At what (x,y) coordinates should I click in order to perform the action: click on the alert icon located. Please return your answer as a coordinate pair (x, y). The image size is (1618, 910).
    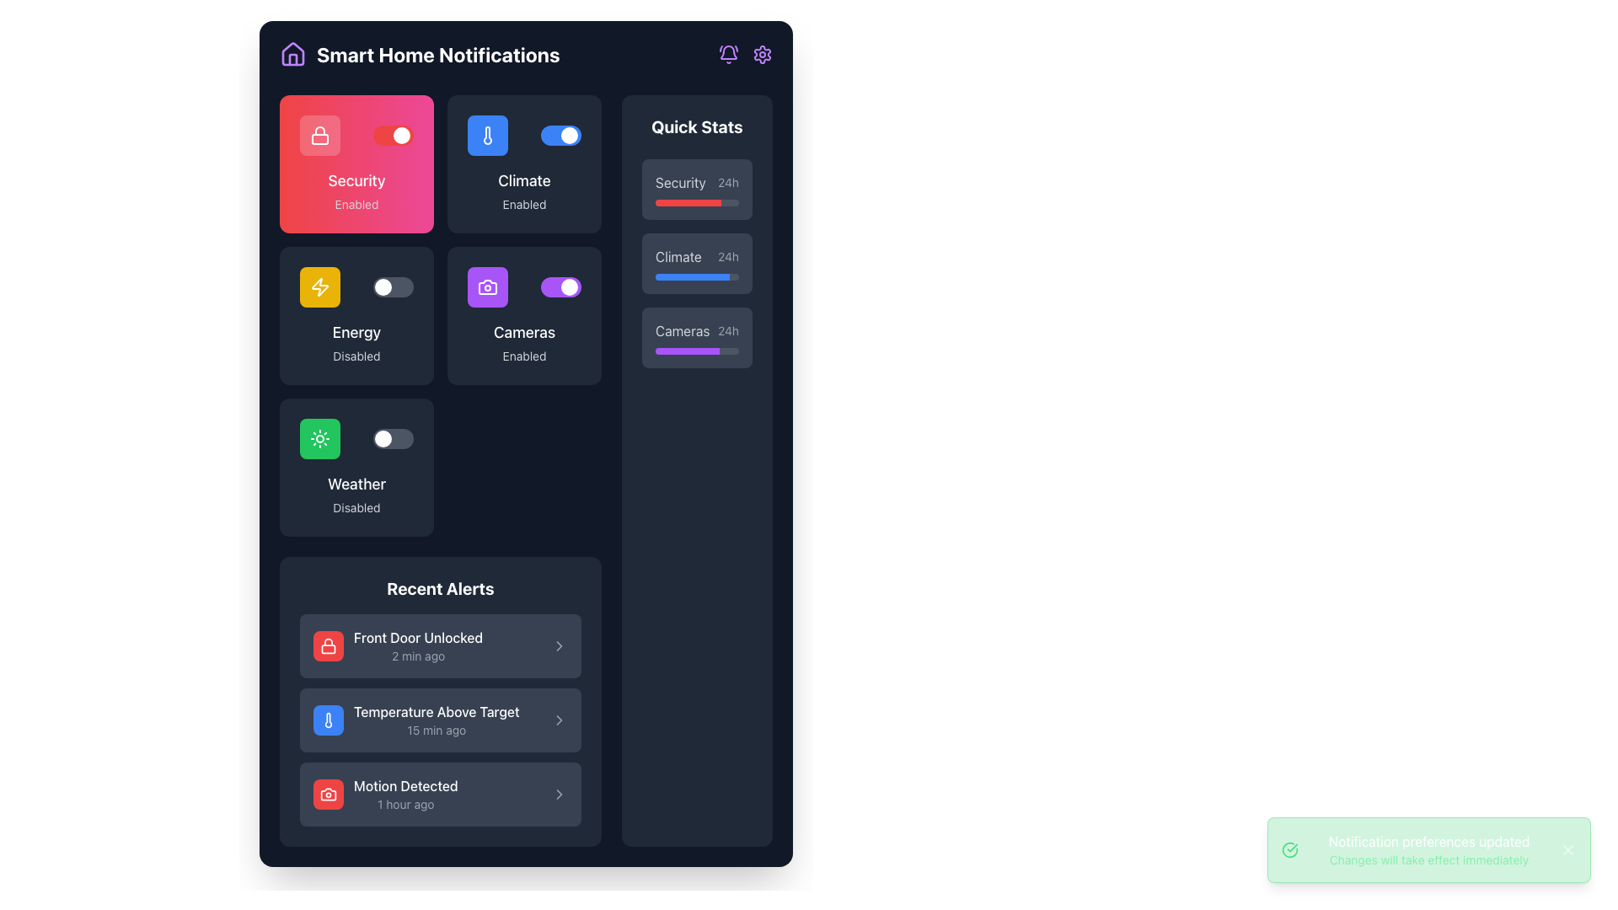
    Looking at the image, I should click on (559, 720).